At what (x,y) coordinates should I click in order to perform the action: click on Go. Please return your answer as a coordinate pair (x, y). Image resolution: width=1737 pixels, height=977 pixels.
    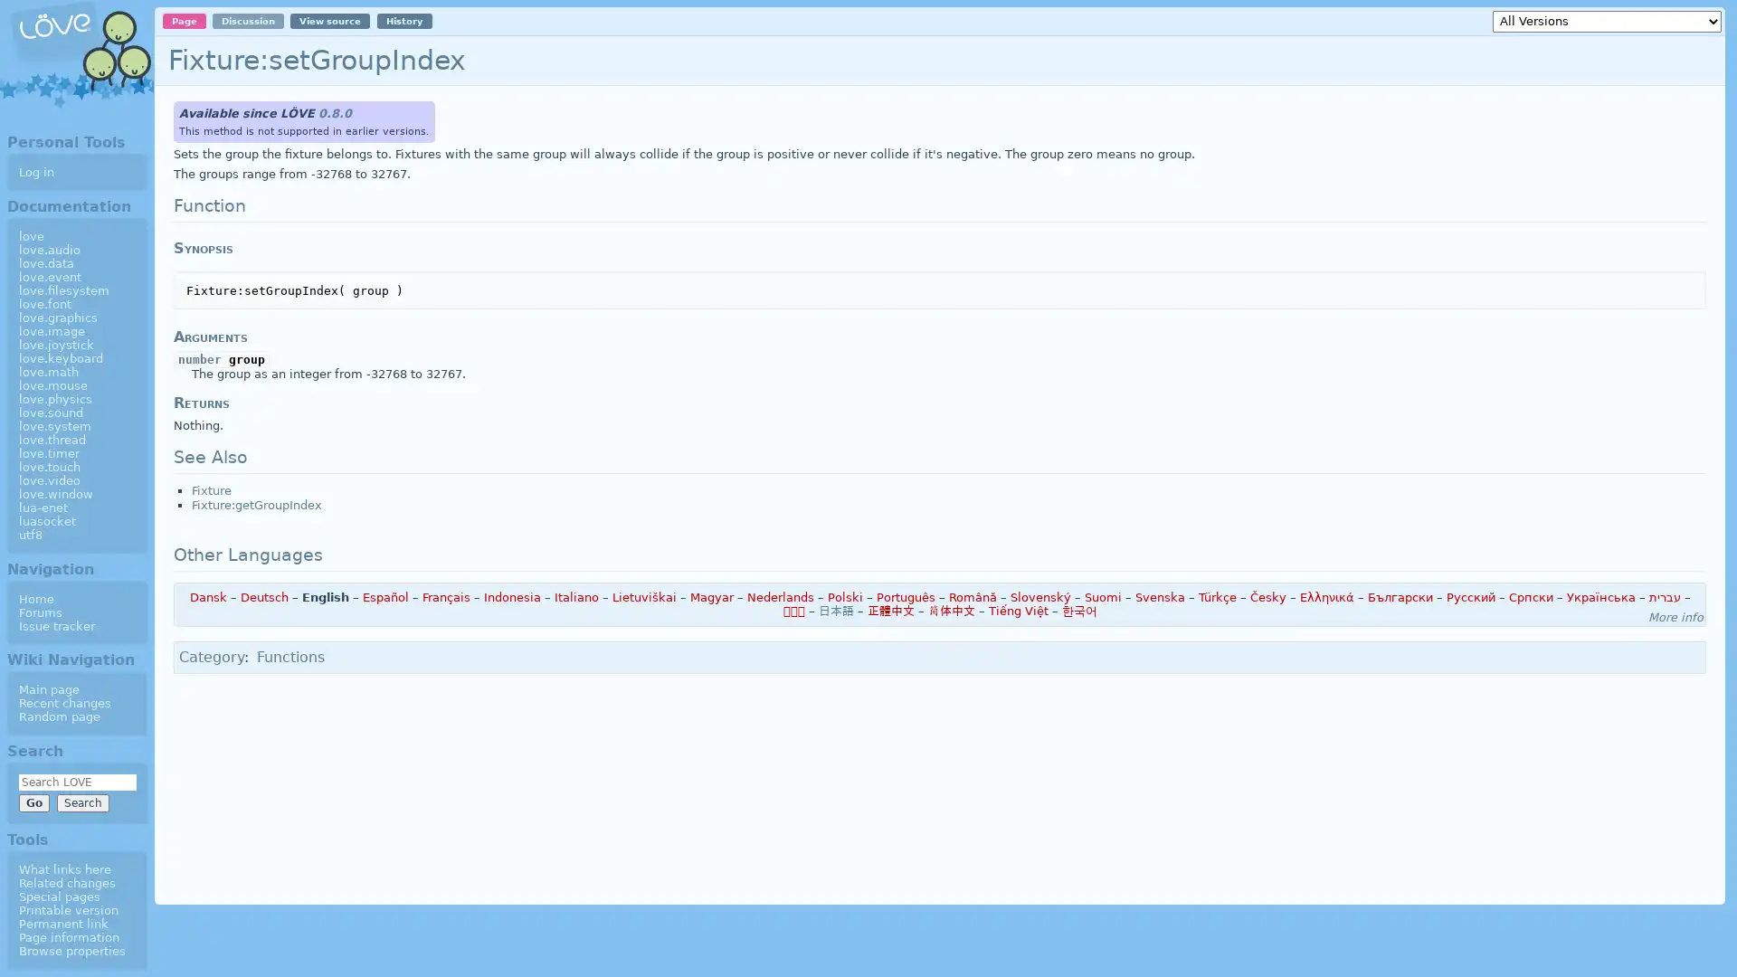
    Looking at the image, I should click on (33, 802).